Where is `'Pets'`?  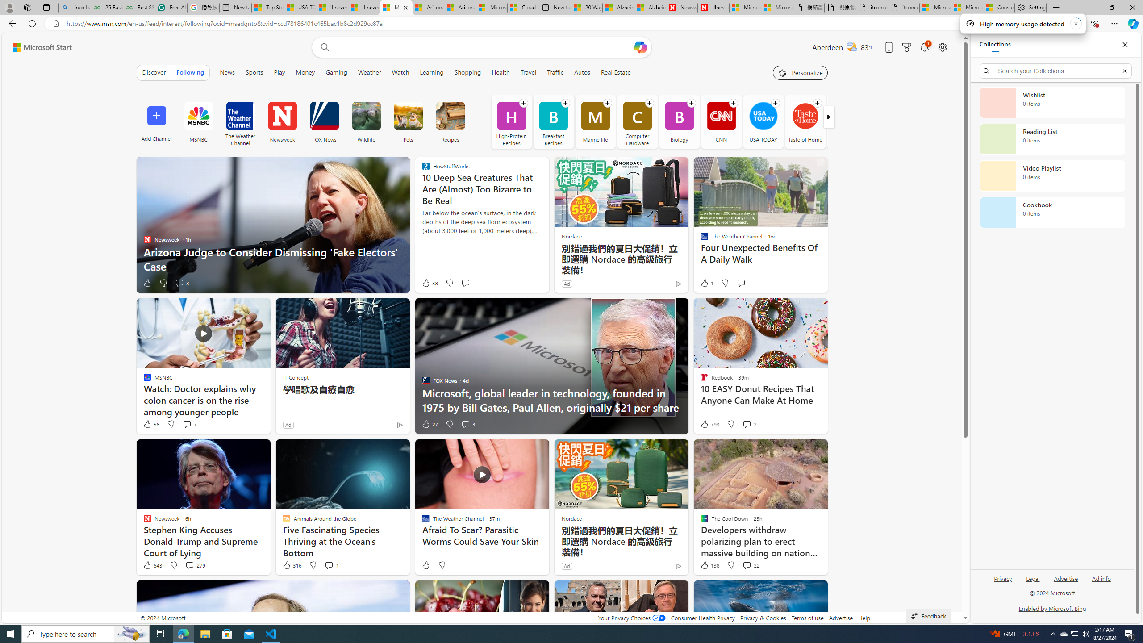
'Pets' is located at coordinates (408, 121).